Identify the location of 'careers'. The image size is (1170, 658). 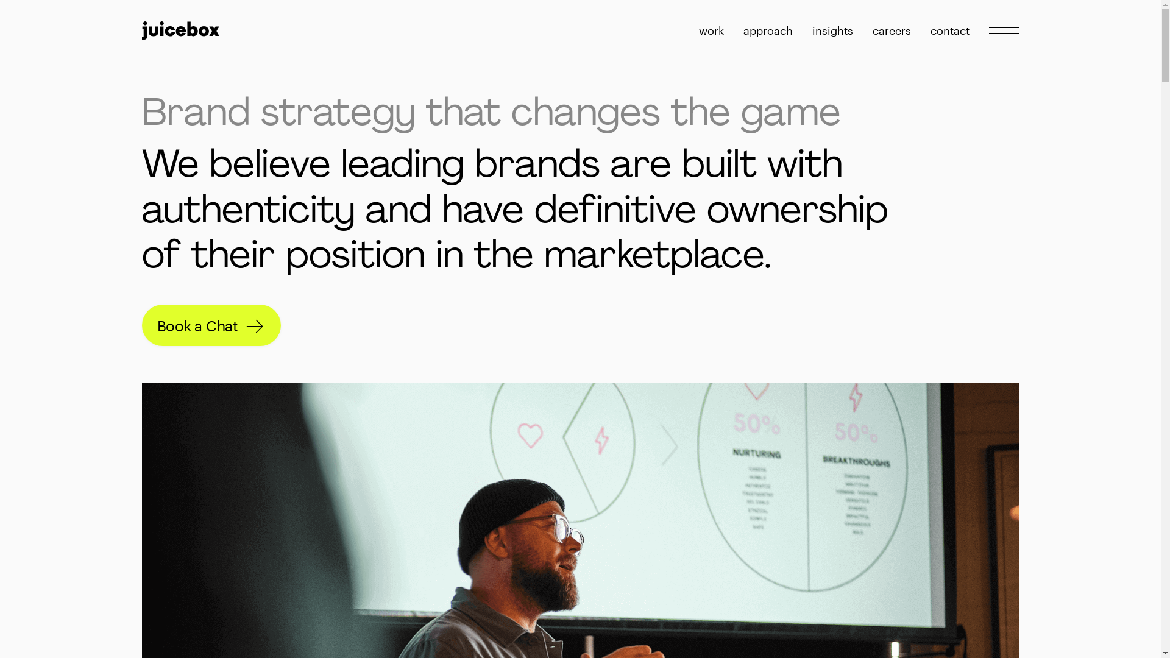
(892, 29).